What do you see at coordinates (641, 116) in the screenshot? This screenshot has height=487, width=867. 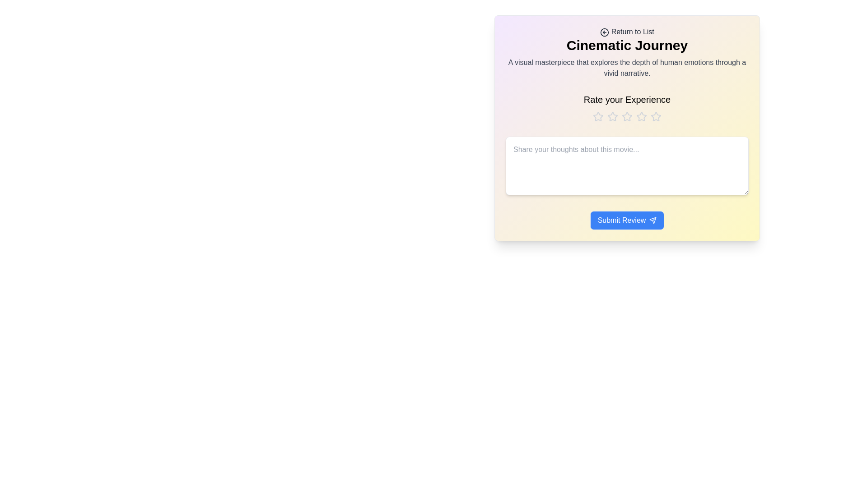 I see `the fourth star in the interactive rating system under the 'Rate your Experience' section to observe the scaling effect` at bounding box center [641, 116].